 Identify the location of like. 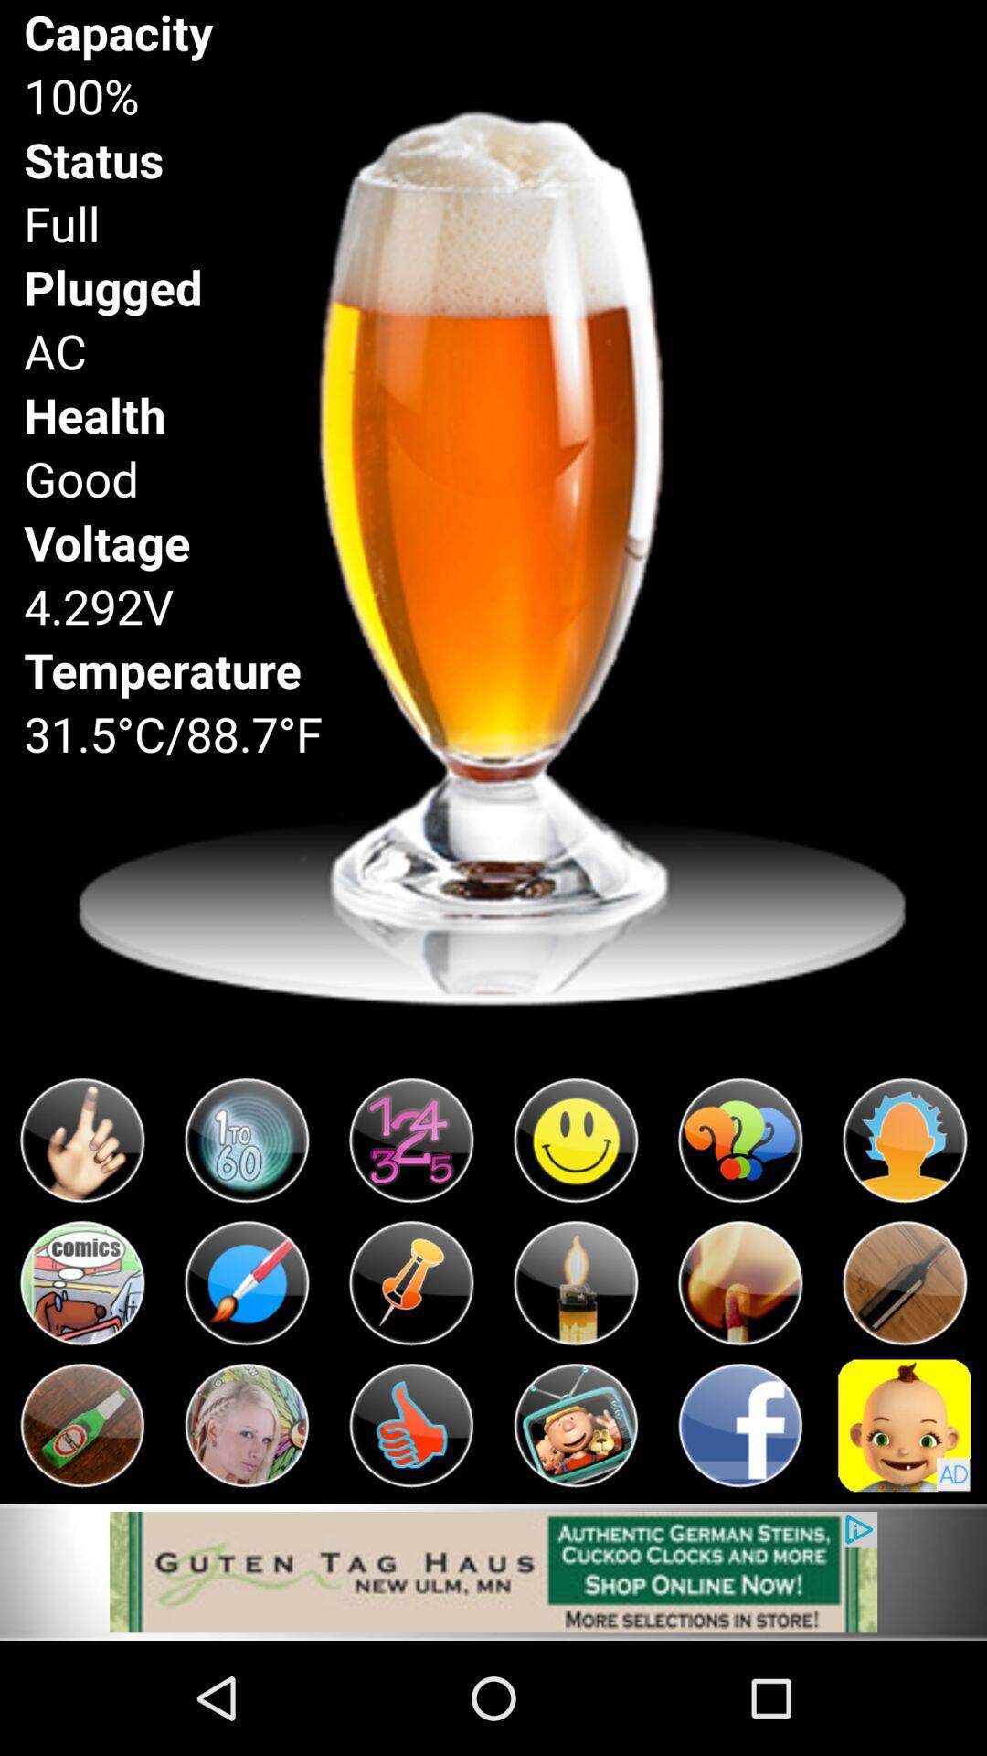
(411, 1424).